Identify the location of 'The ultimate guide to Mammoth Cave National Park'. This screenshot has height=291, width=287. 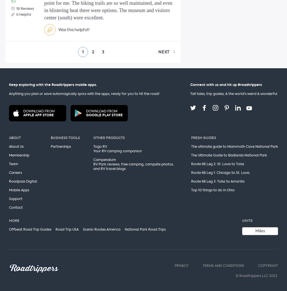
(234, 147).